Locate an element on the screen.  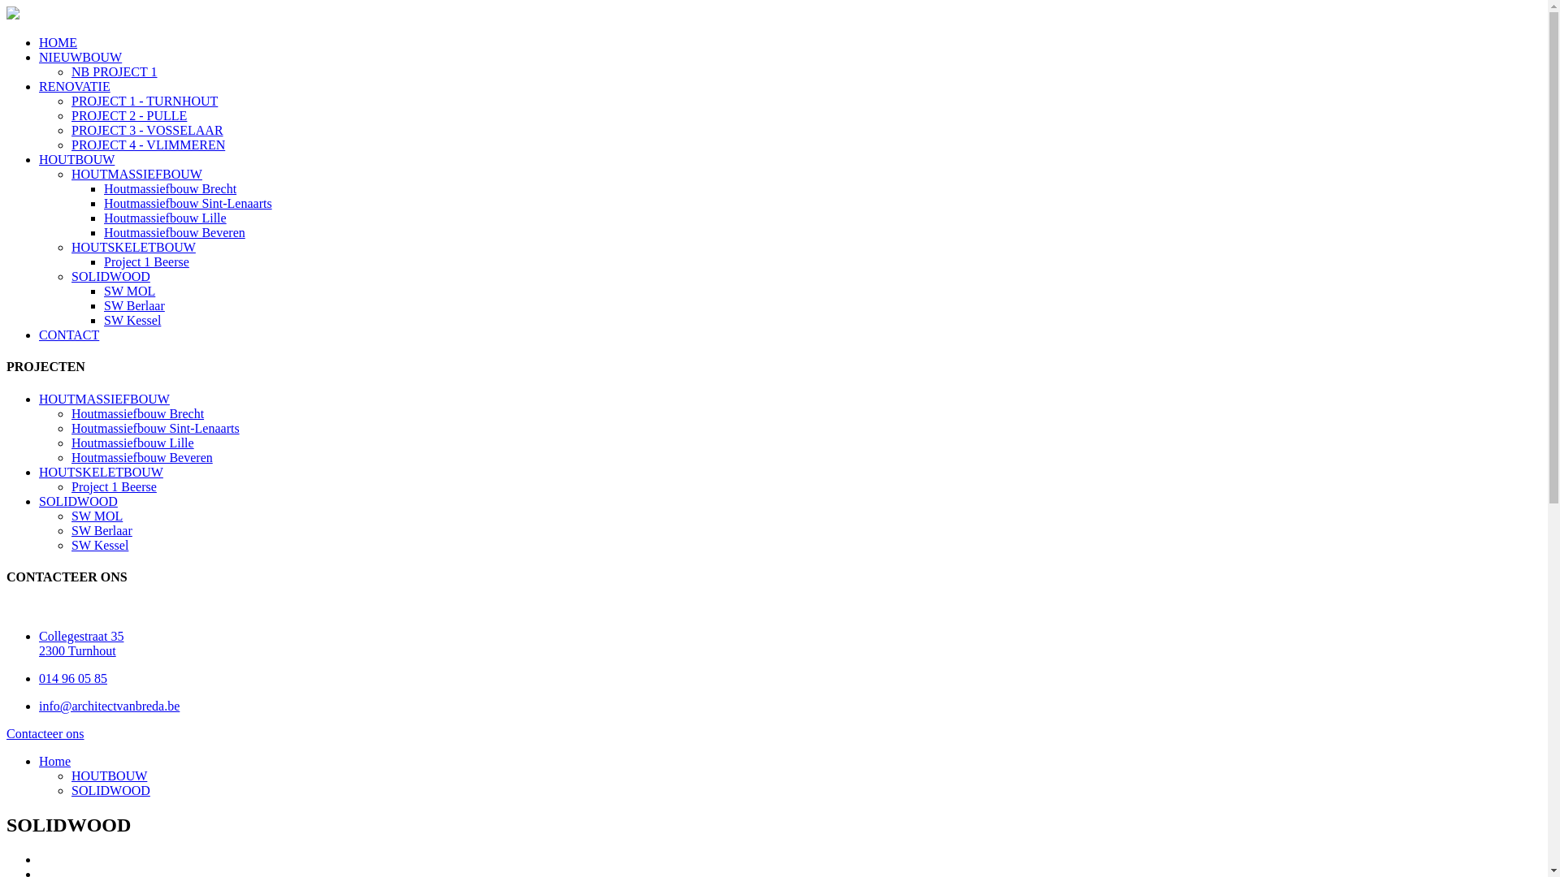
'HOME' is located at coordinates (58, 41).